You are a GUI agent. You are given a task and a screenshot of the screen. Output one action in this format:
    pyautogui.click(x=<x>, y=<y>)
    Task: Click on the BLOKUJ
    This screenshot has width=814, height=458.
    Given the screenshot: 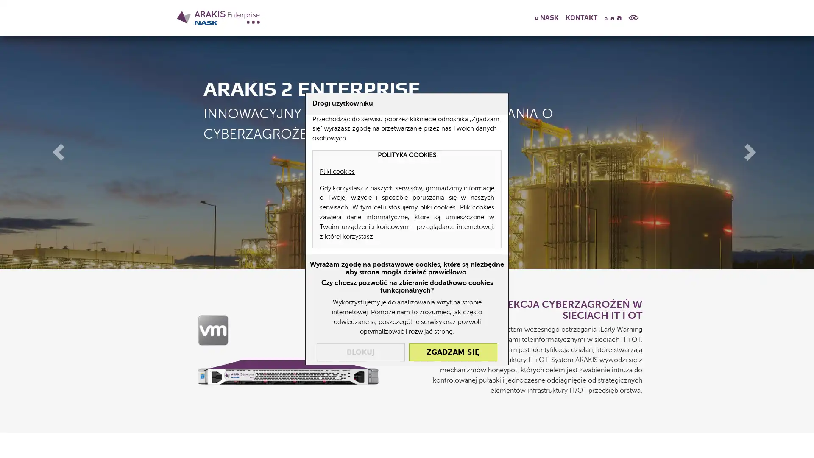 What is the action you would take?
    pyautogui.click(x=360, y=352)
    